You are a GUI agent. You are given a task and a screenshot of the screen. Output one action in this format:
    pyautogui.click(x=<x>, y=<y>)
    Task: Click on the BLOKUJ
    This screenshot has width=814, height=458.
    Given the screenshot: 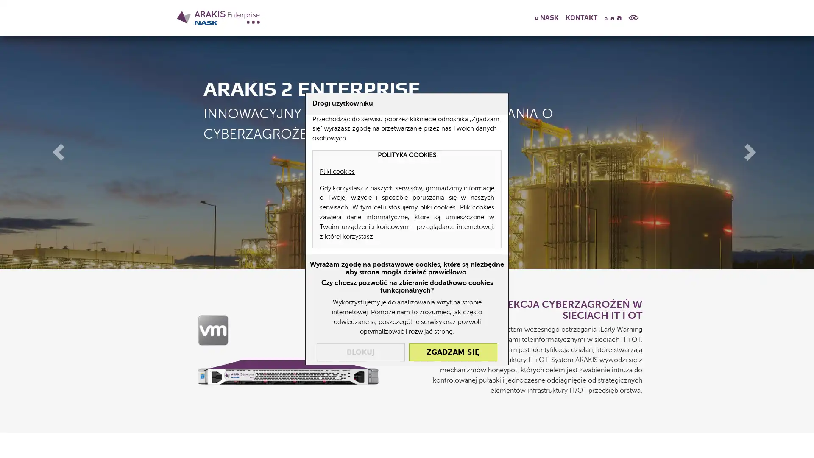 What is the action you would take?
    pyautogui.click(x=360, y=352)
    